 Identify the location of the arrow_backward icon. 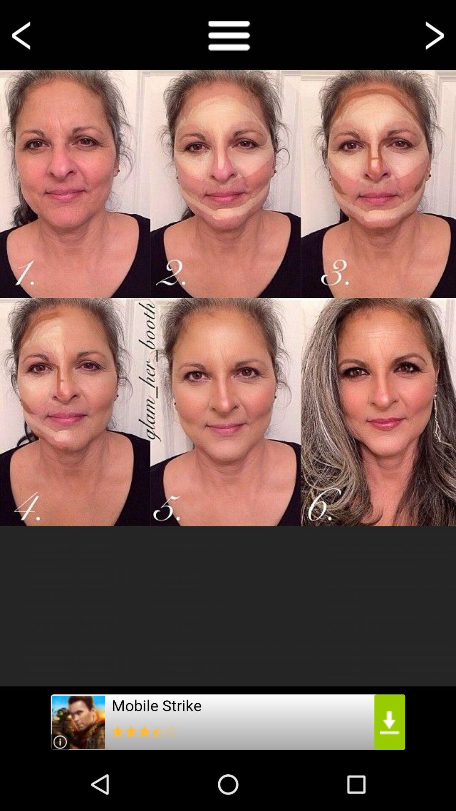
(22, 37).